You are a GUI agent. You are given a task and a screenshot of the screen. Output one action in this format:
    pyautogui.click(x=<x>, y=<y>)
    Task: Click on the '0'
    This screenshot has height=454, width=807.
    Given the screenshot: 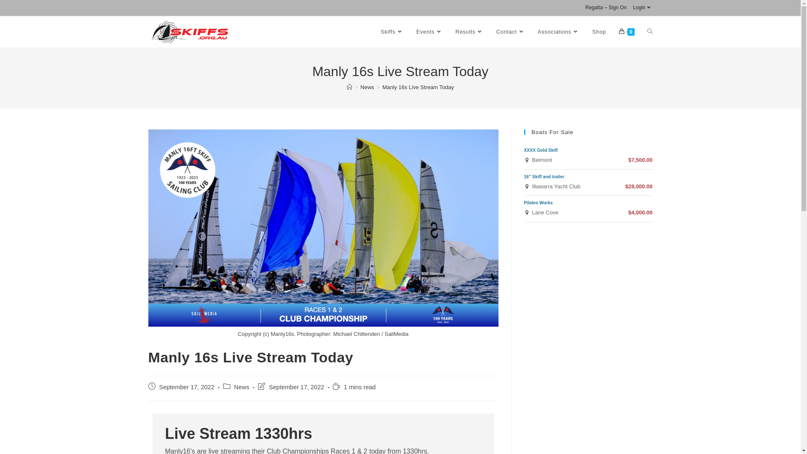 What is the action you would take?
    pyautogui.click(x=627, y=32)
    